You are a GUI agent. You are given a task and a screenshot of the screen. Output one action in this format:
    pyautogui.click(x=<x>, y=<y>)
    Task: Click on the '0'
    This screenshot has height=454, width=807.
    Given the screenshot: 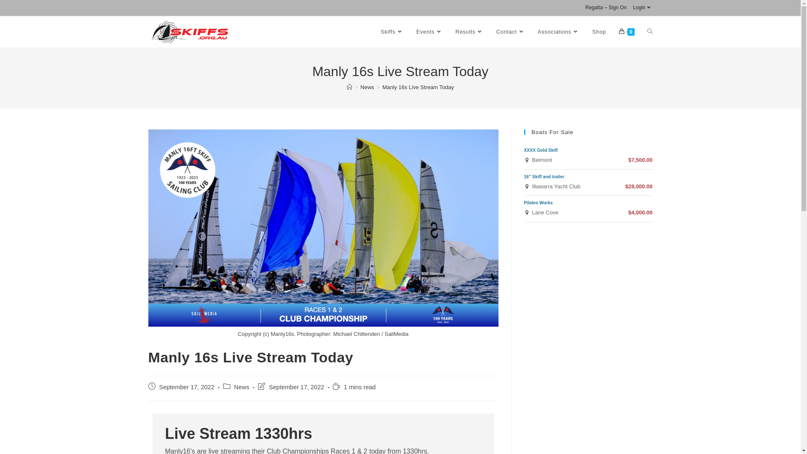 What is the action you would take?
    pyautogui.click(x=627, y=32)
    